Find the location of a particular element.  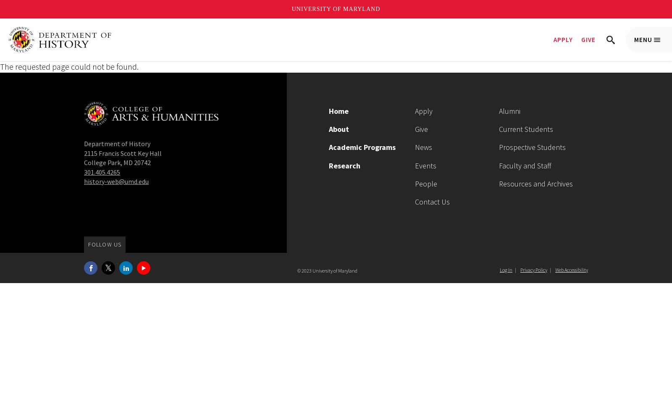

'Events' is located at coordinates (425, 165).